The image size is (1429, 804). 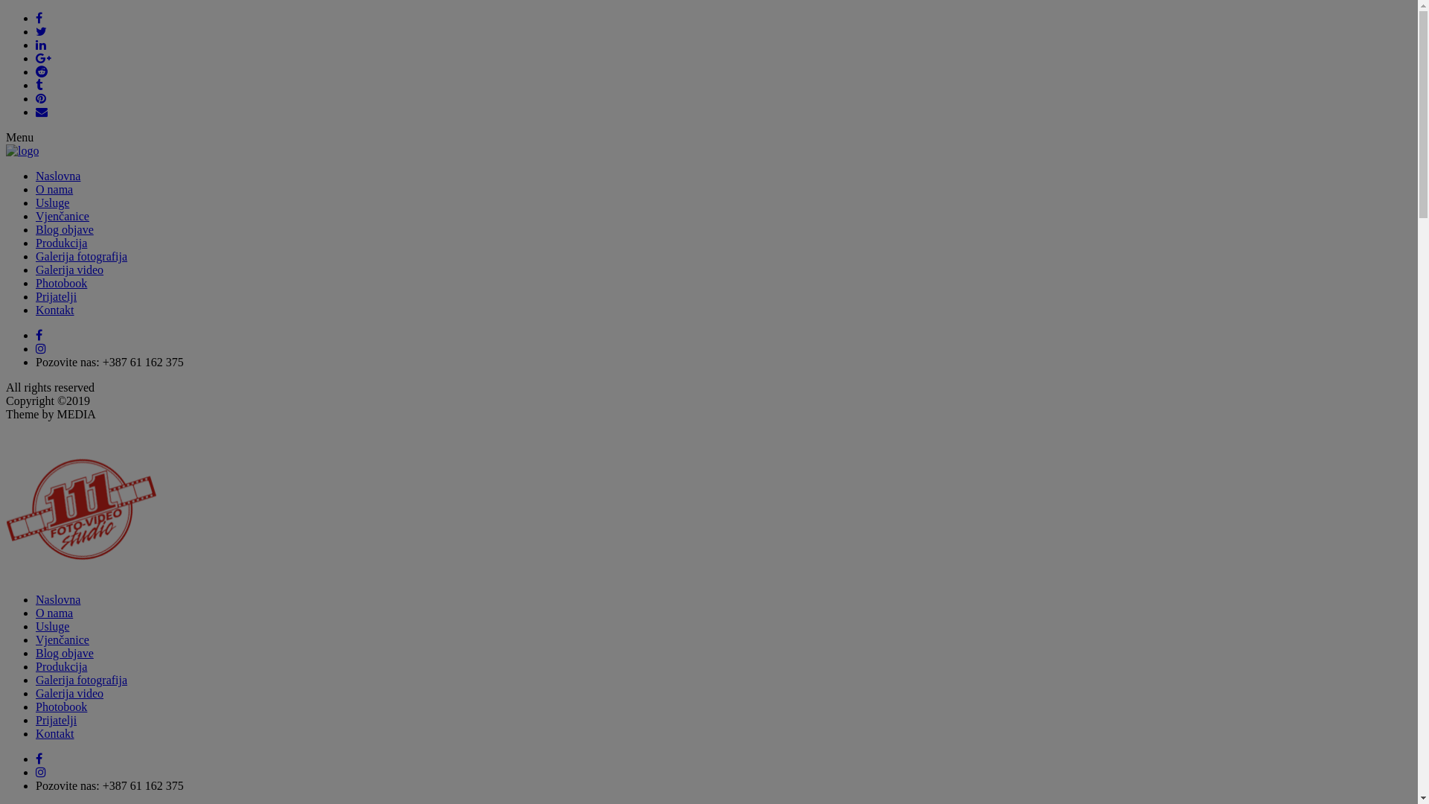 What do you see at coordinates (68, 693) in the screenshot?
I see `'Galerija video'` at bounding box center [68, 693].